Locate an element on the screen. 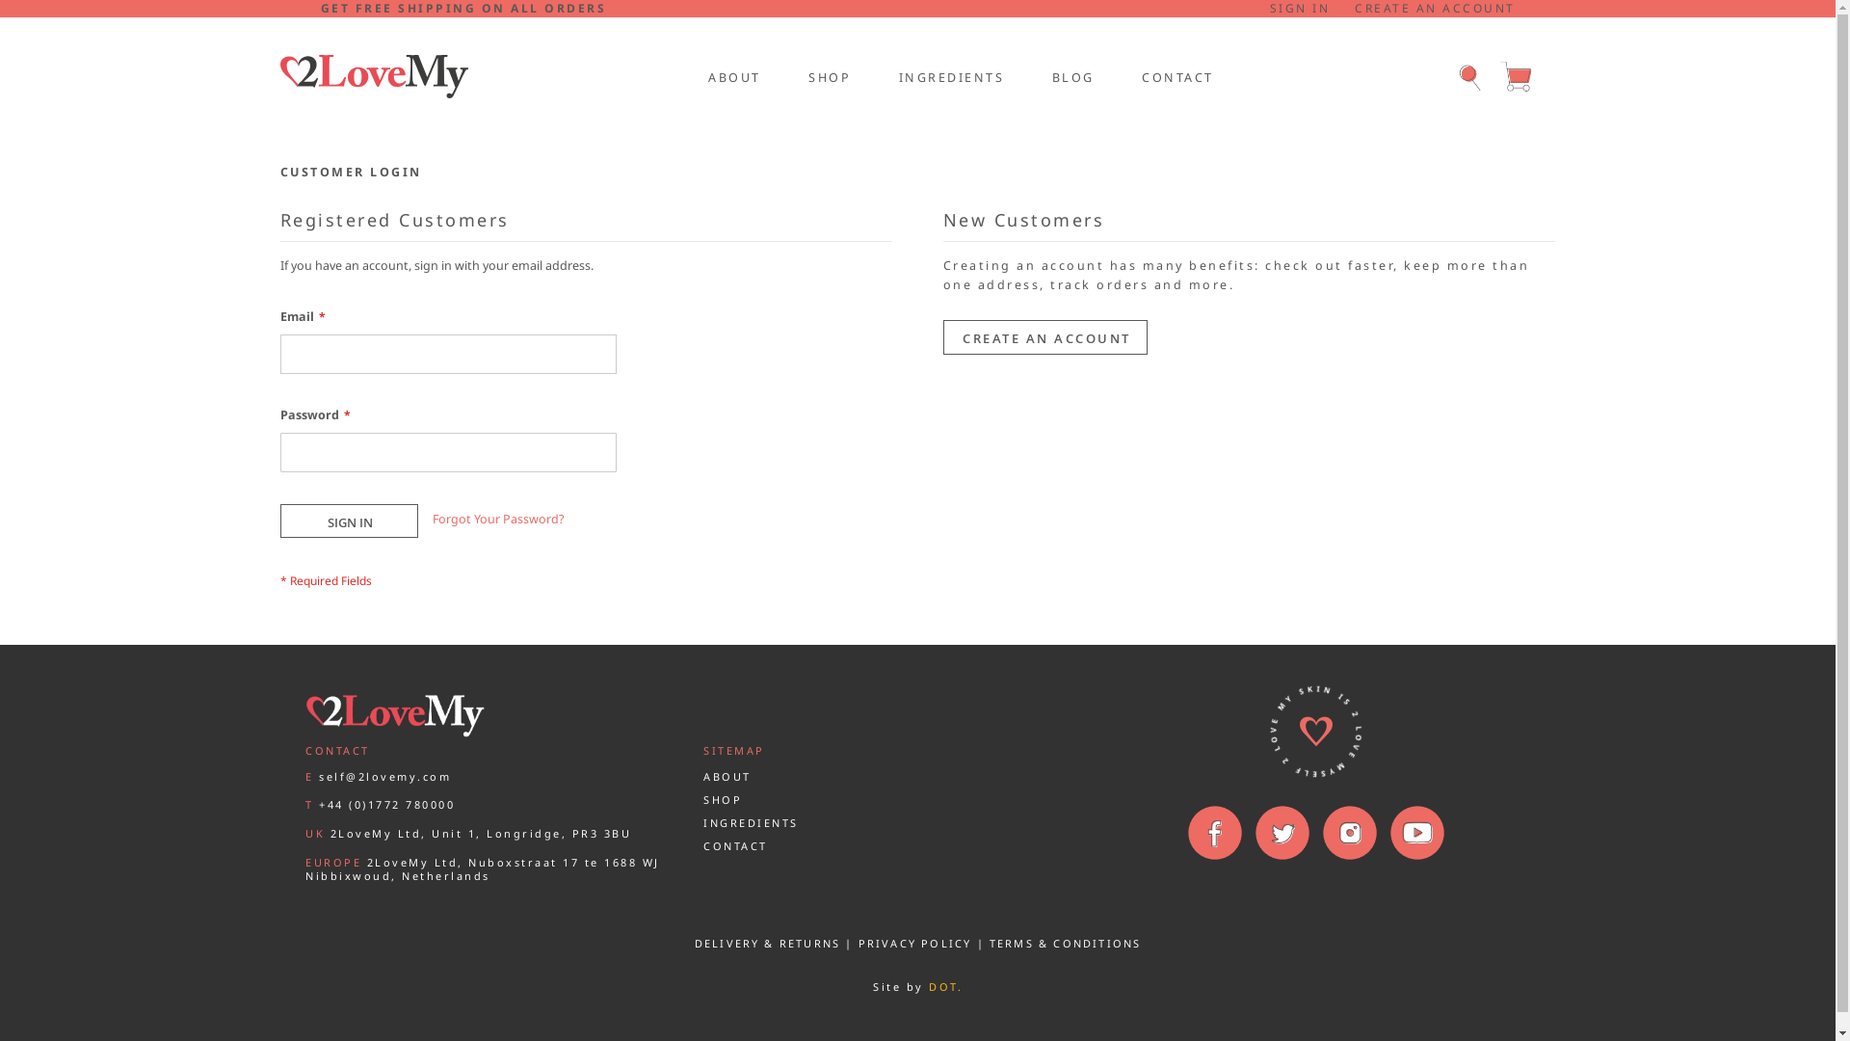  '+44 (0)1772 780000' is located at coordinates (385, 804).